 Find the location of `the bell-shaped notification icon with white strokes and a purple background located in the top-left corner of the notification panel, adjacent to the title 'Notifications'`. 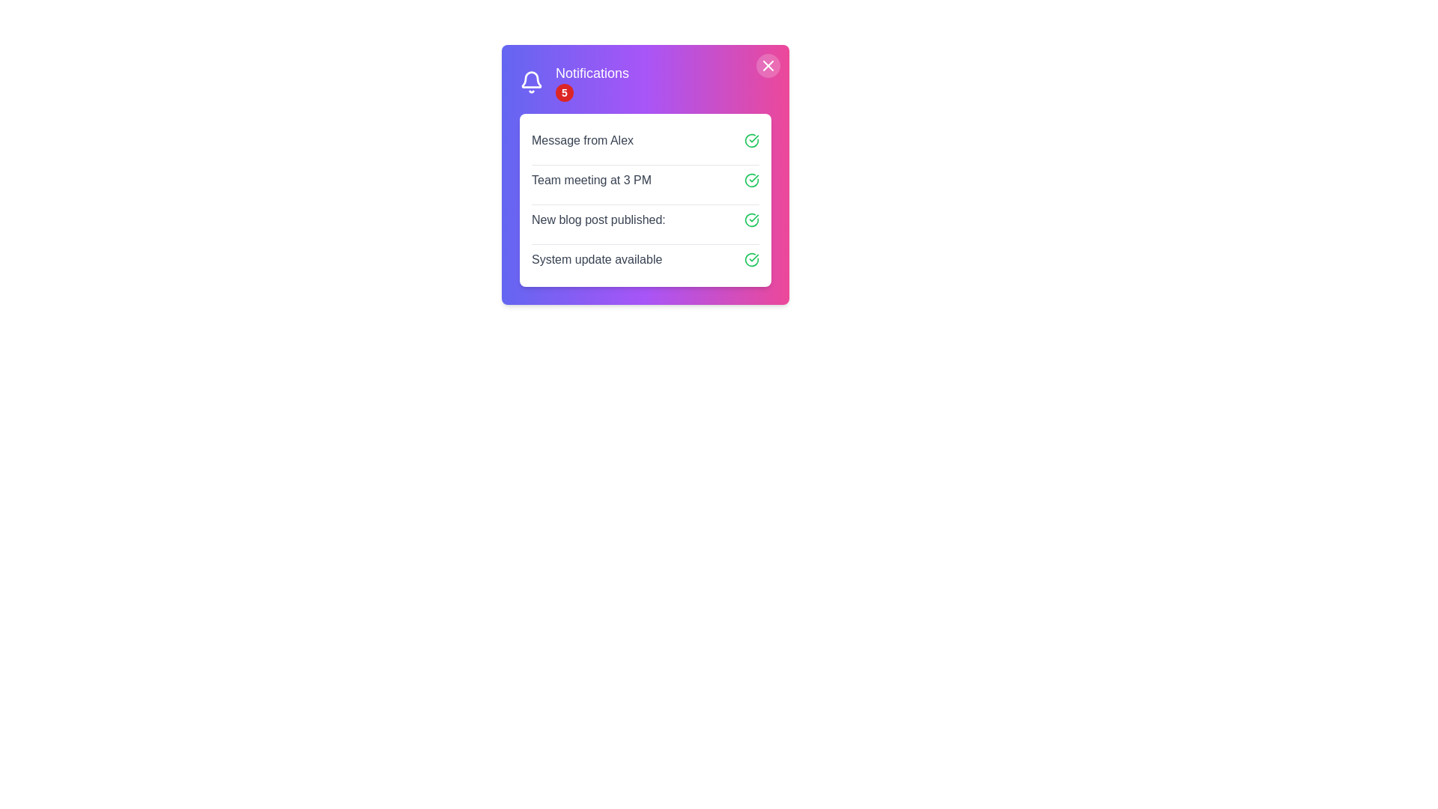

the bell-shaped notification icon with white strokes and a purple background located in the top-left corner of the notification panel, adjacent to the title 'Notifications' is located at coordinates (532, 79).